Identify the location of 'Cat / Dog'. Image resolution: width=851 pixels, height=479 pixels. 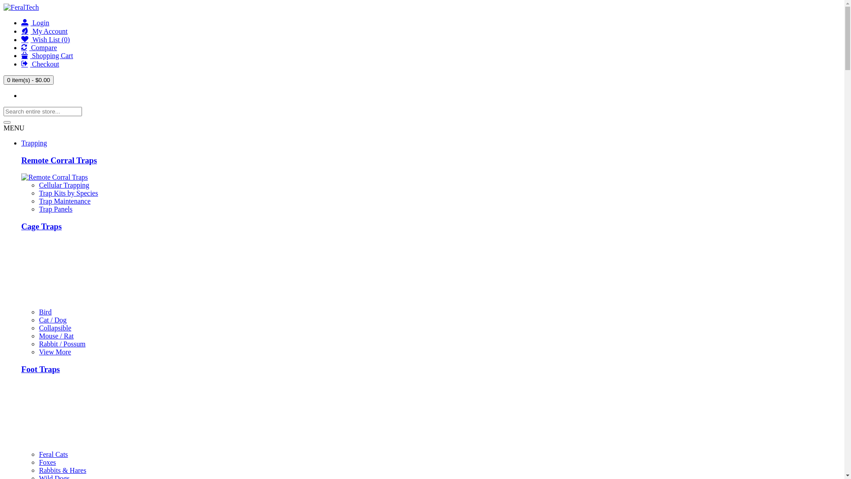
(52, 320).